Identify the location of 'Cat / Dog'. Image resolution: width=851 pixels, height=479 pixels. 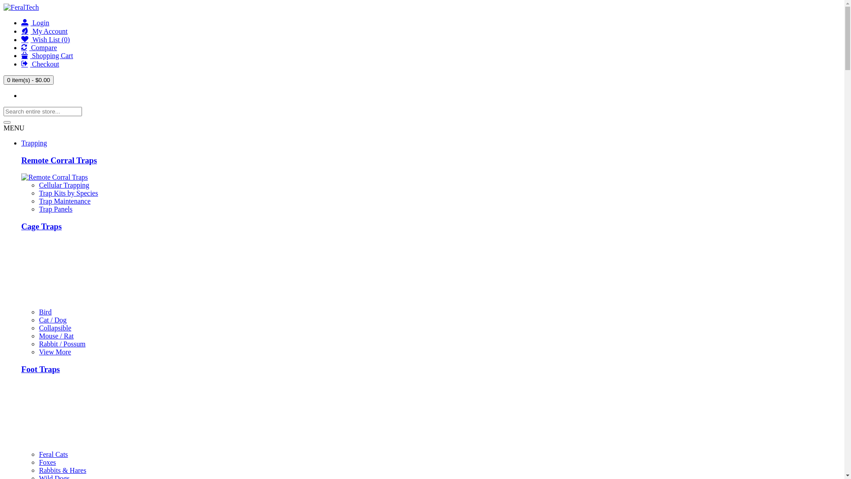
(52, 320).